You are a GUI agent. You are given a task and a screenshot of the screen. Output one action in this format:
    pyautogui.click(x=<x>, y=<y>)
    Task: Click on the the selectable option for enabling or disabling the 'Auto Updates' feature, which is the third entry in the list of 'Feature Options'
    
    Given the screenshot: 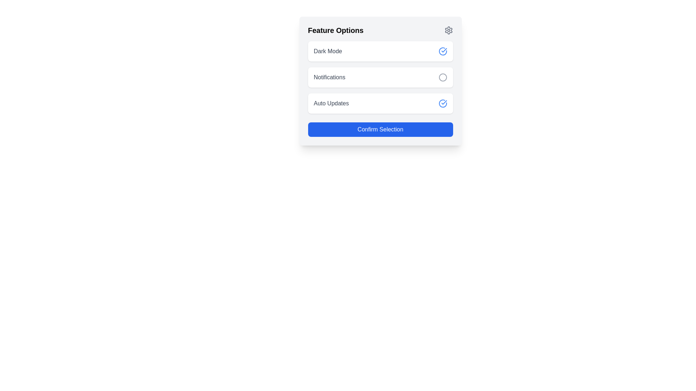 What is the action you would take?
    pyautogui.click(x=380, y=103)
    